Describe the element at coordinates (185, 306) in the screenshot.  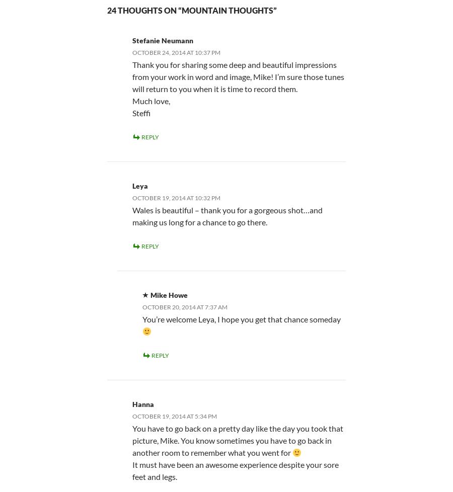
I see `'October 20, 2014 at 7:37 am'` at that location.